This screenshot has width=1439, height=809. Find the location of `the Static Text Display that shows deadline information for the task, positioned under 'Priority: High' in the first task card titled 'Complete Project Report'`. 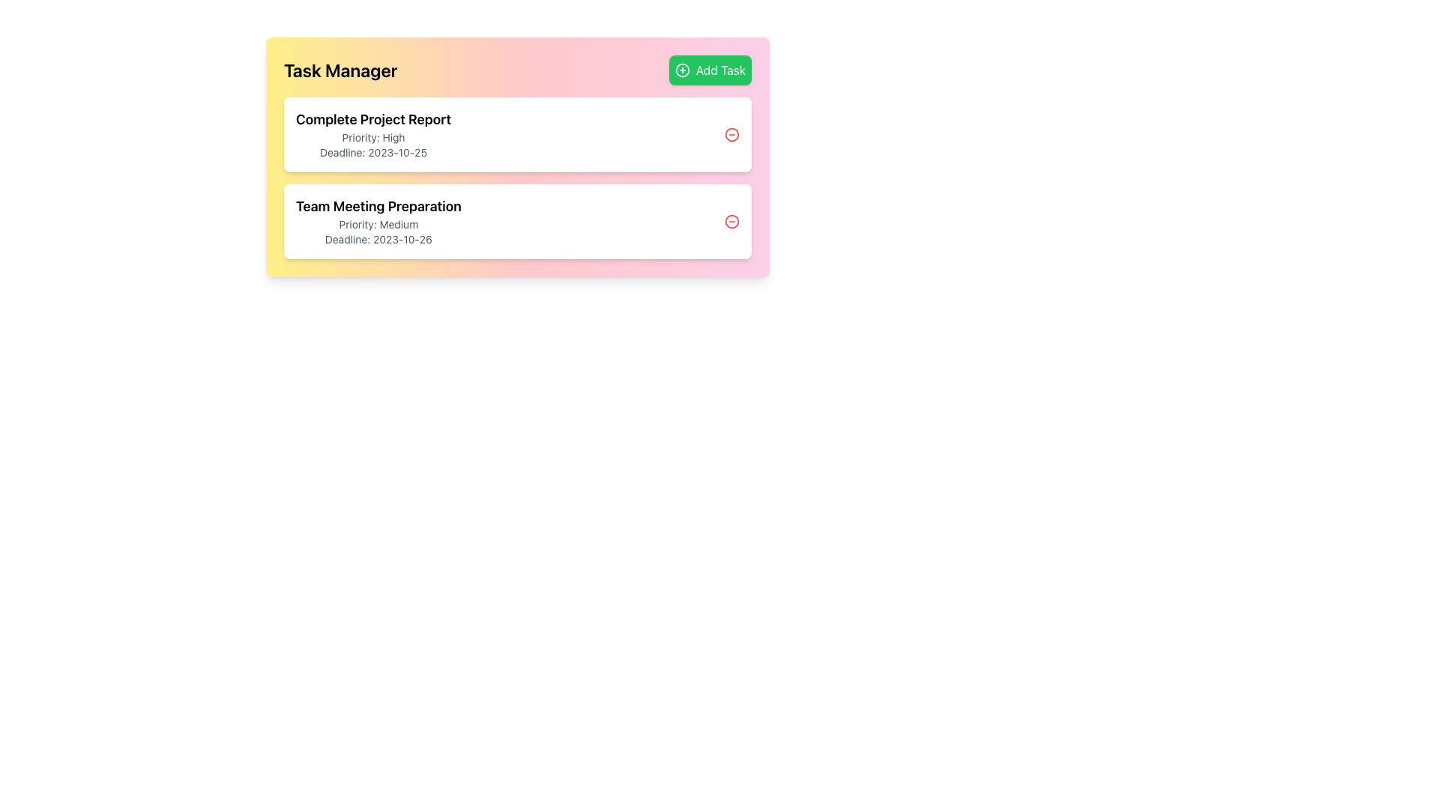

the Static Text Display that shows deadline information for the task, positioned under 'Priority: High' in the first task card titled 'Complete Project Report' is located at coordinates (373, 153).